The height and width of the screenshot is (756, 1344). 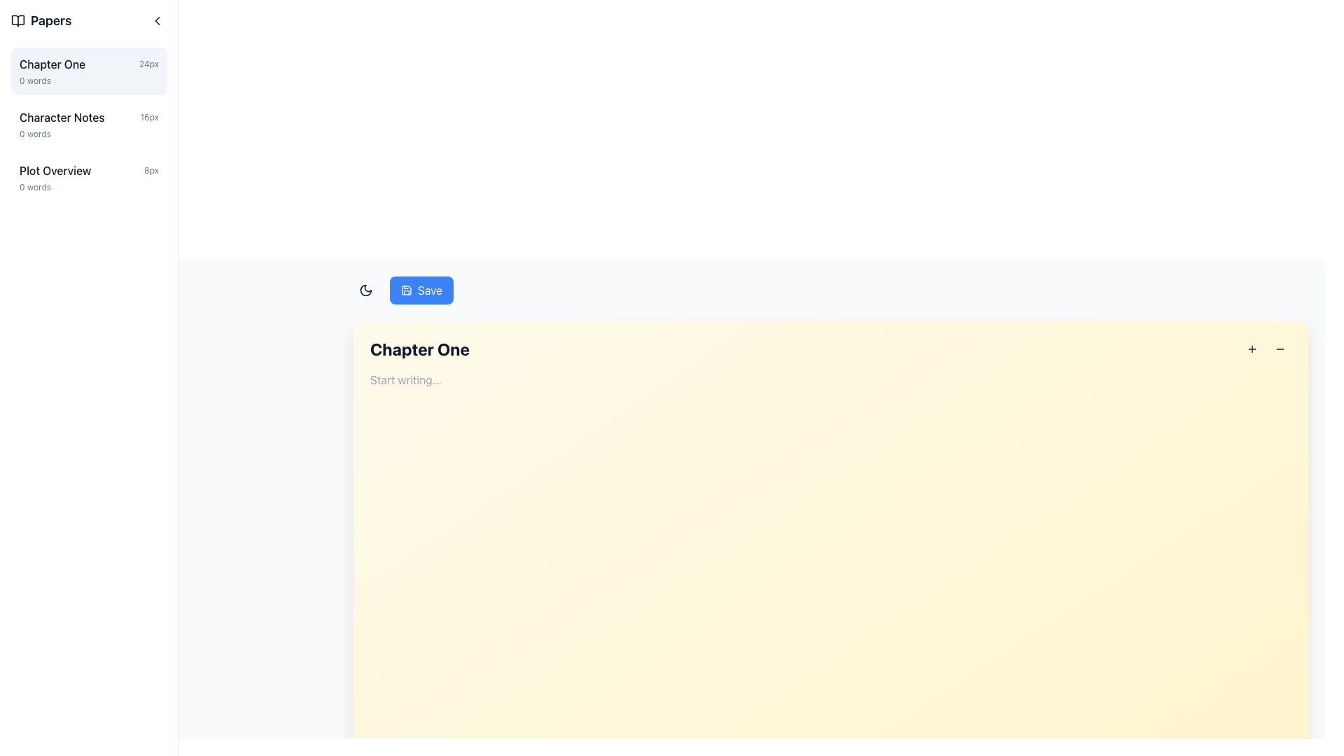 What do you see at coordinates (88, 71) in the screenshot?
I see `the Navigation menu item titled 'Chapter One'` at bounding box center [88, 71].